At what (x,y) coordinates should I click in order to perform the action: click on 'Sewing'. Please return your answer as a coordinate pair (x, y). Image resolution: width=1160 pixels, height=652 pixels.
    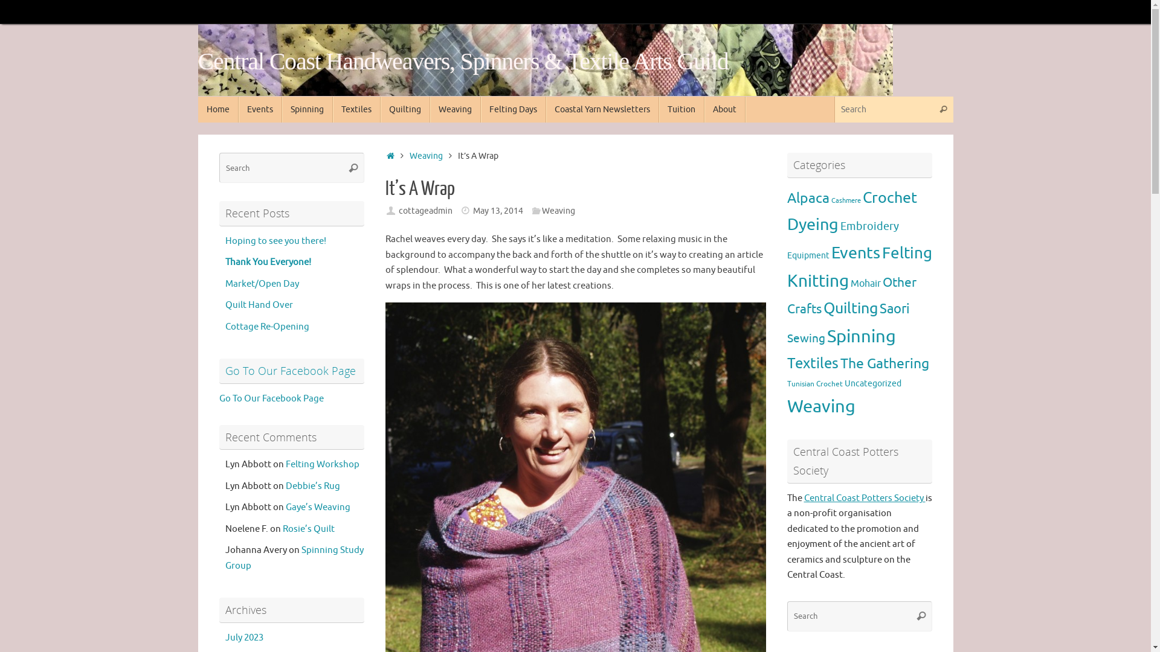
    Looking at the image, I should click on (805, 338).